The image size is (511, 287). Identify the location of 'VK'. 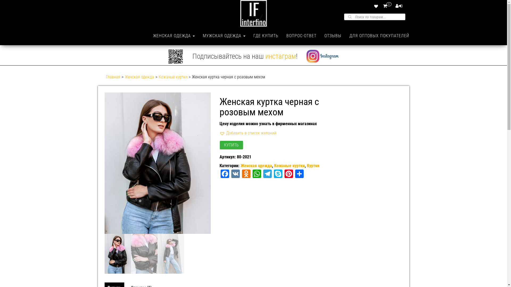
(235, 174).